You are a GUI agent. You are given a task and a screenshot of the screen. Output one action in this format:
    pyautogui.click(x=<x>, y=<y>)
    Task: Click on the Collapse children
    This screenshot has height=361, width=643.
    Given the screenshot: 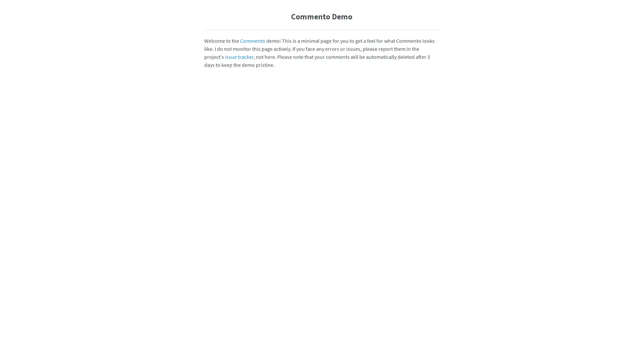 What is the action you would take?
    pyautogui.click(x=434, y=309)
    